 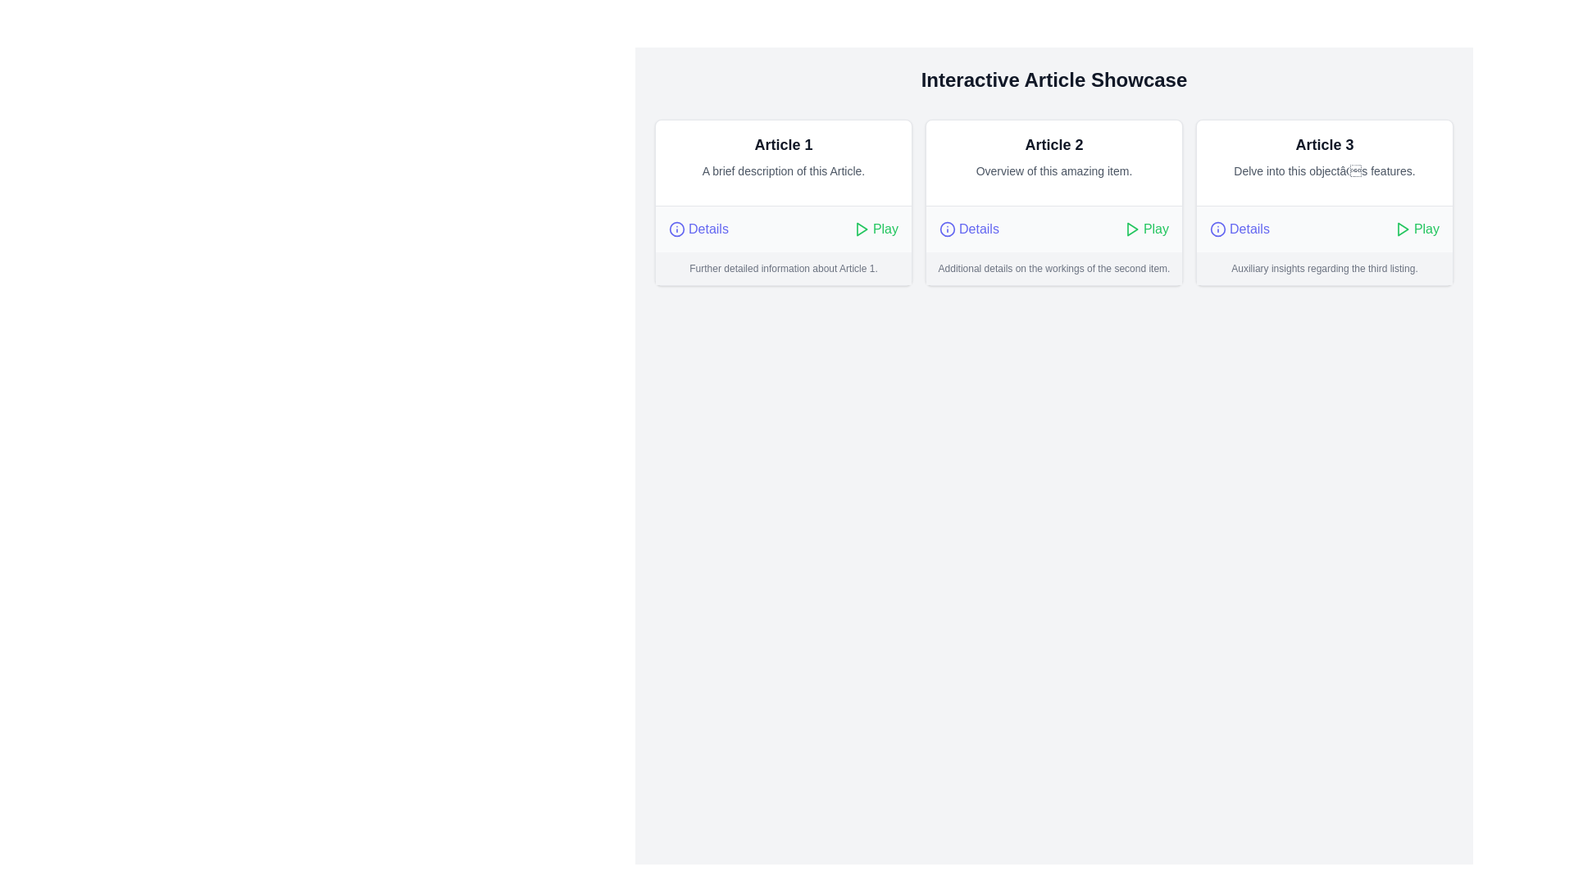 I want to click on the static informational label located at the bottom of the article card labeled 'Article 1', beneath the 'Details' and 'Play' buttons, so click(x=782, y=267).